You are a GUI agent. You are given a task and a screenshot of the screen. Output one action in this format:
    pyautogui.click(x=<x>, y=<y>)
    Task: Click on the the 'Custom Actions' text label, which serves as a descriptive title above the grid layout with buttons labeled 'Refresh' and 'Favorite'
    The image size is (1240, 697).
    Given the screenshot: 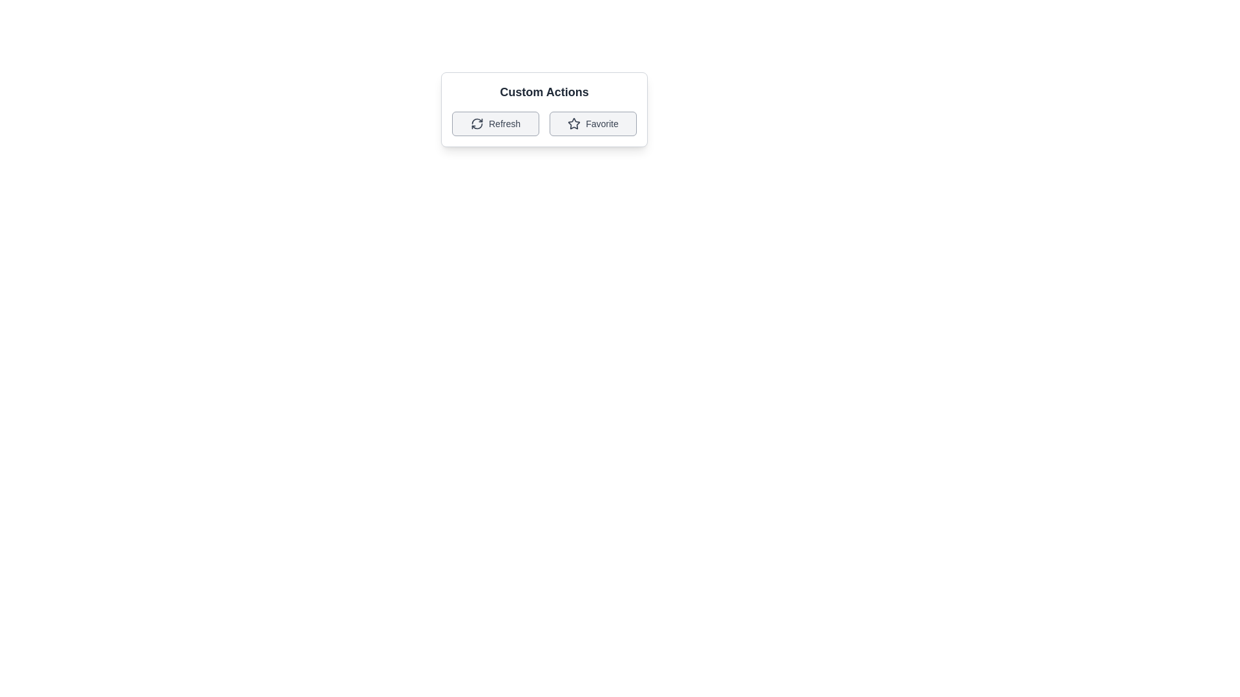 What is the action you would take?
    pyautogui.click(x=544, y=91)
    